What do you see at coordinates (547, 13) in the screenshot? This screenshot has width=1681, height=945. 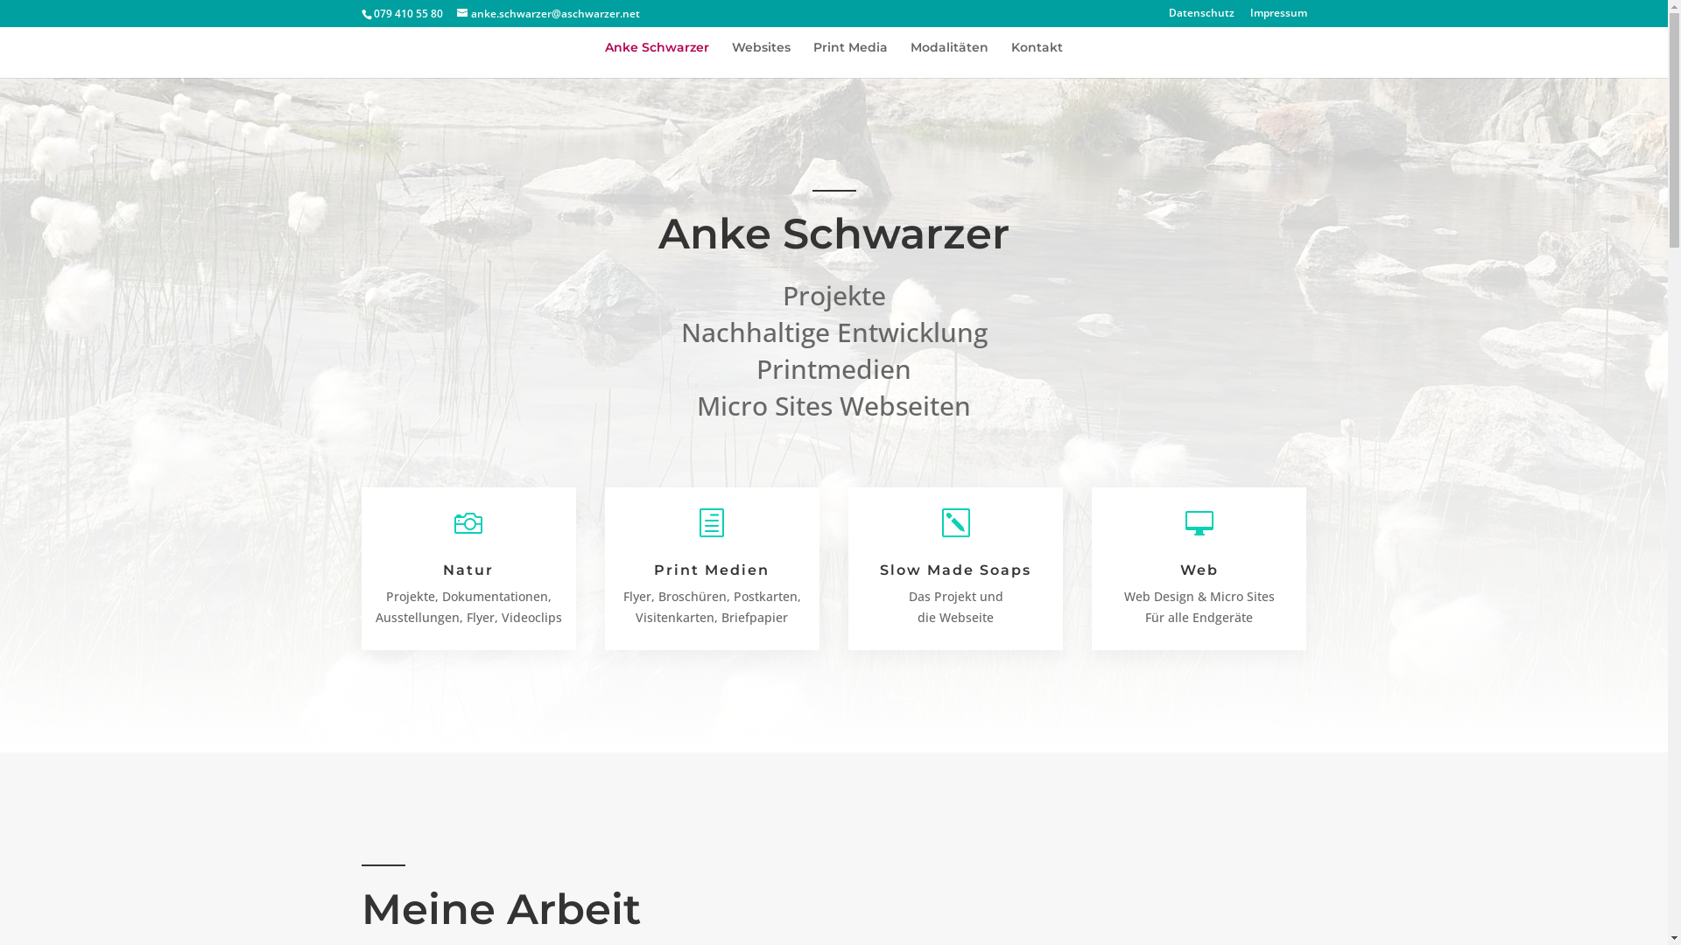 I see `'anke.schwarzer@aschwarzer.net'` at bounding box center [547, 13].